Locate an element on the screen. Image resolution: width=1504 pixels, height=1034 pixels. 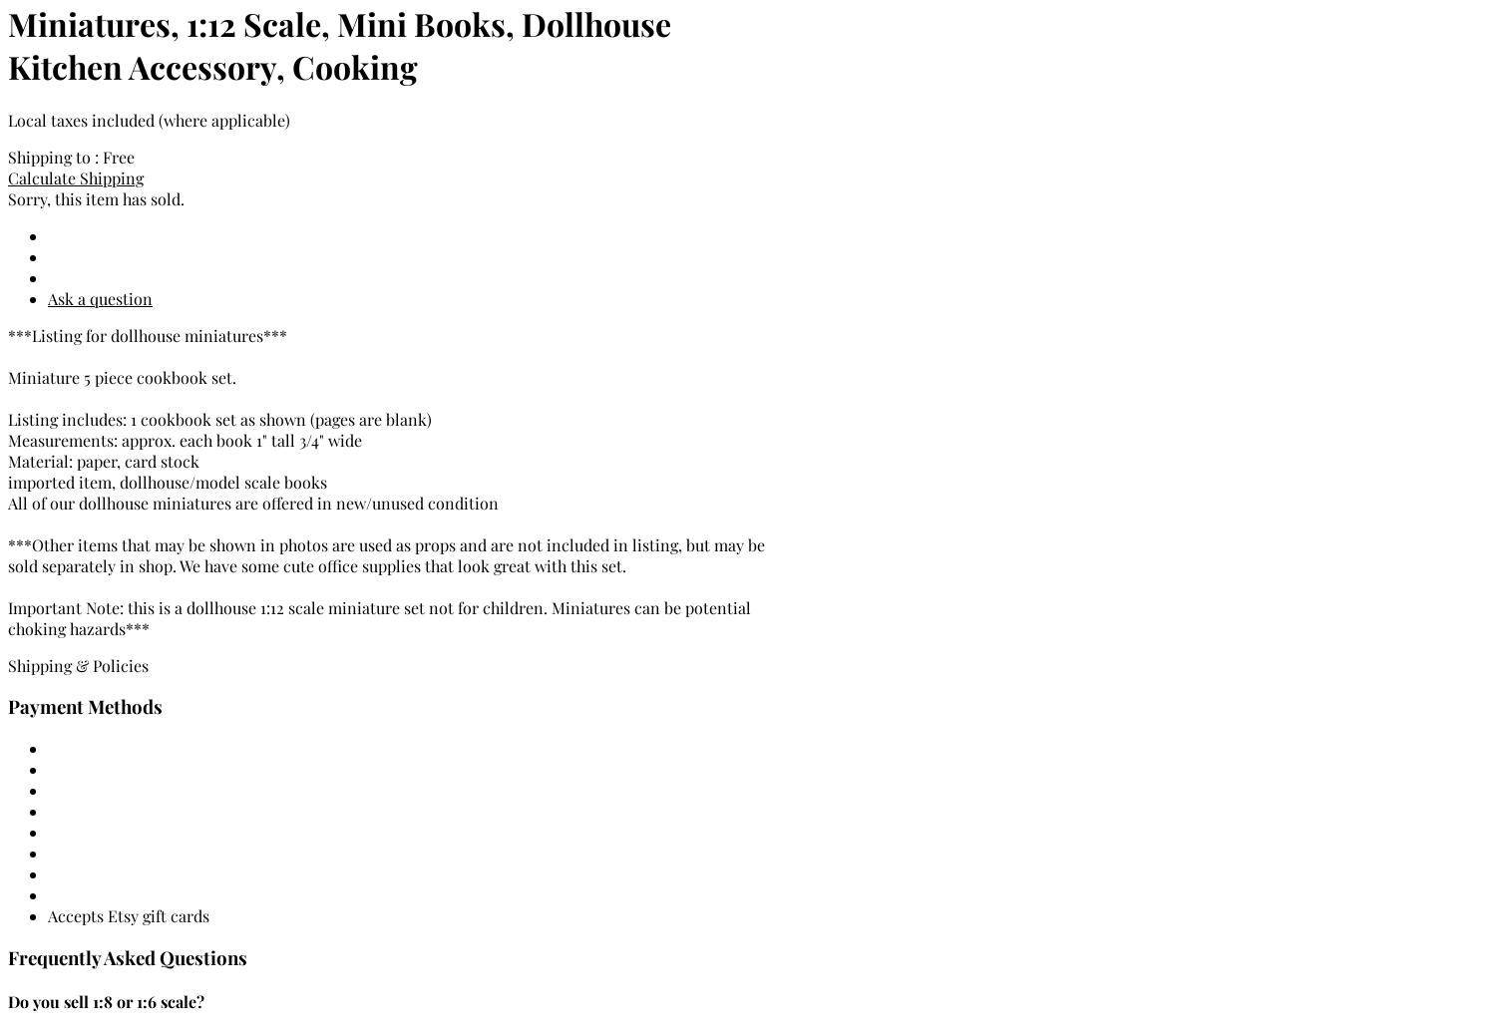
'***Other items that may be shown in photos are used as props and are not included in listing, but may be sold separately in shop. We have some cute office supplies that look great with this set.' is located at coordinates (386, 554).